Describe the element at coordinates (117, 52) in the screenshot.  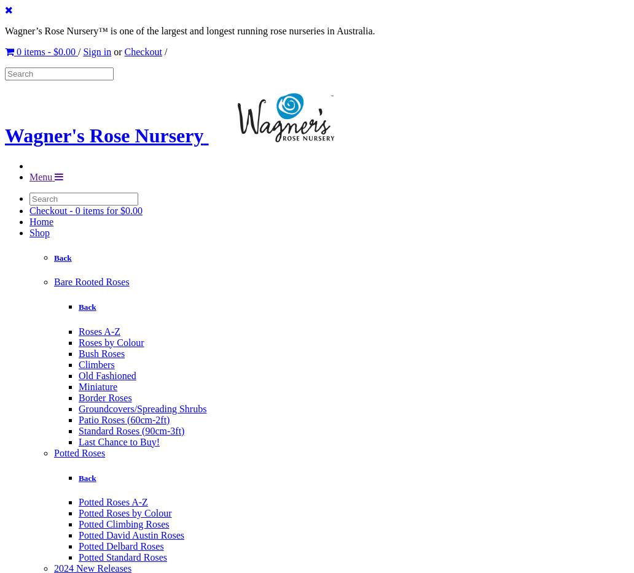
I see `'or'` at that location.